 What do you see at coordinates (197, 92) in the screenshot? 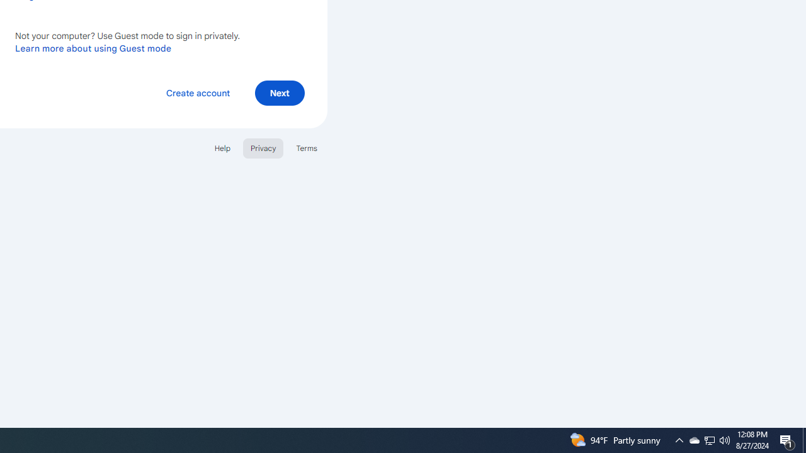
I see `'Create account'` at bounding box center [197, 92].